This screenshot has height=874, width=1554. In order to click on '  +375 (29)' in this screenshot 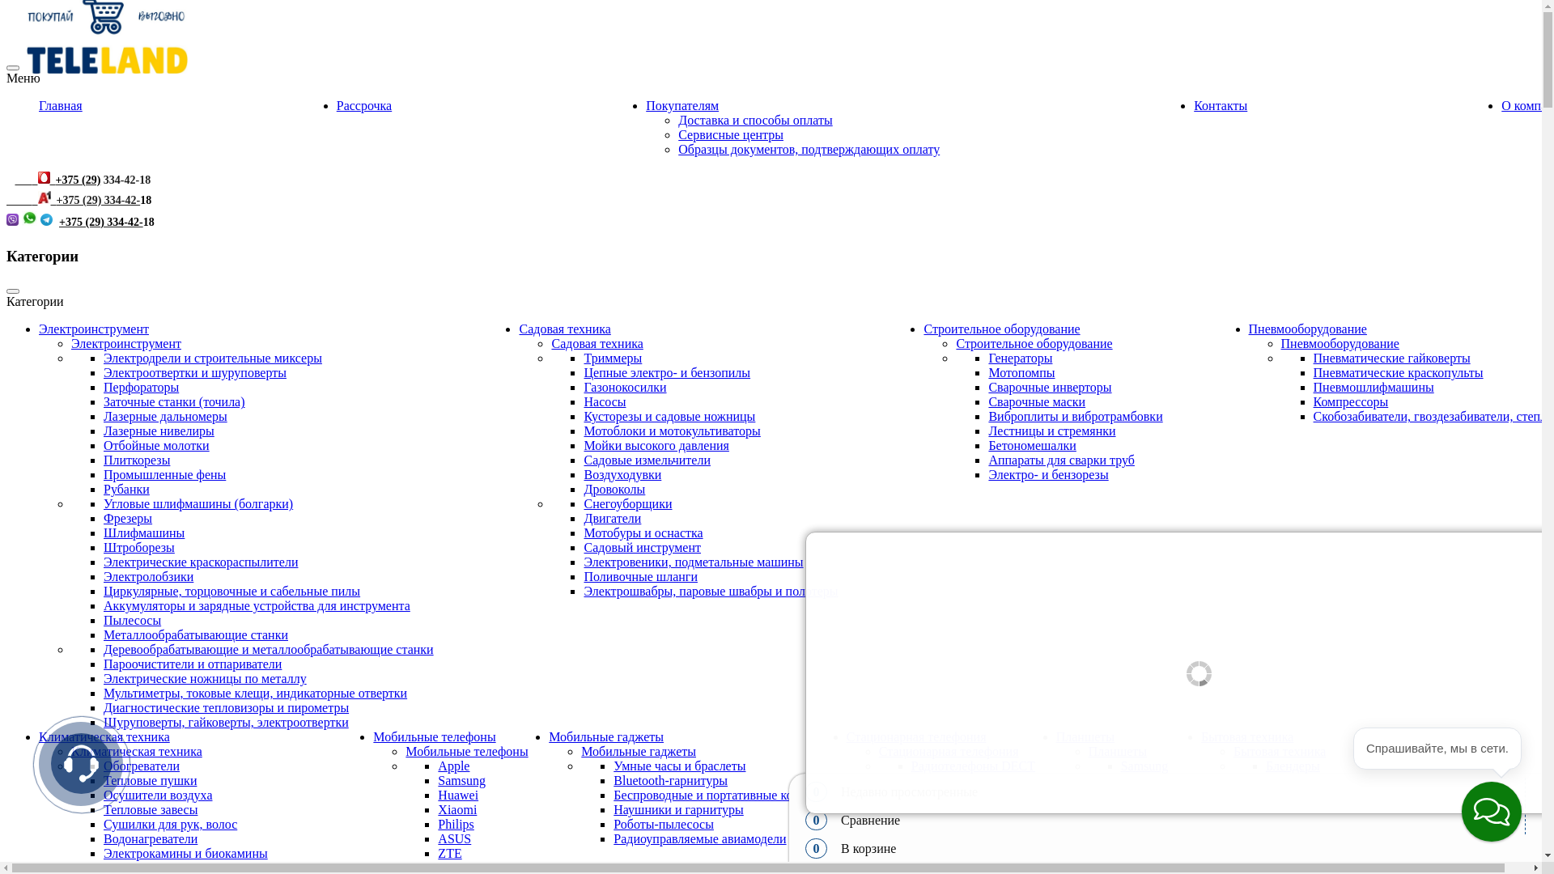, I will do `click(74, 180)`.